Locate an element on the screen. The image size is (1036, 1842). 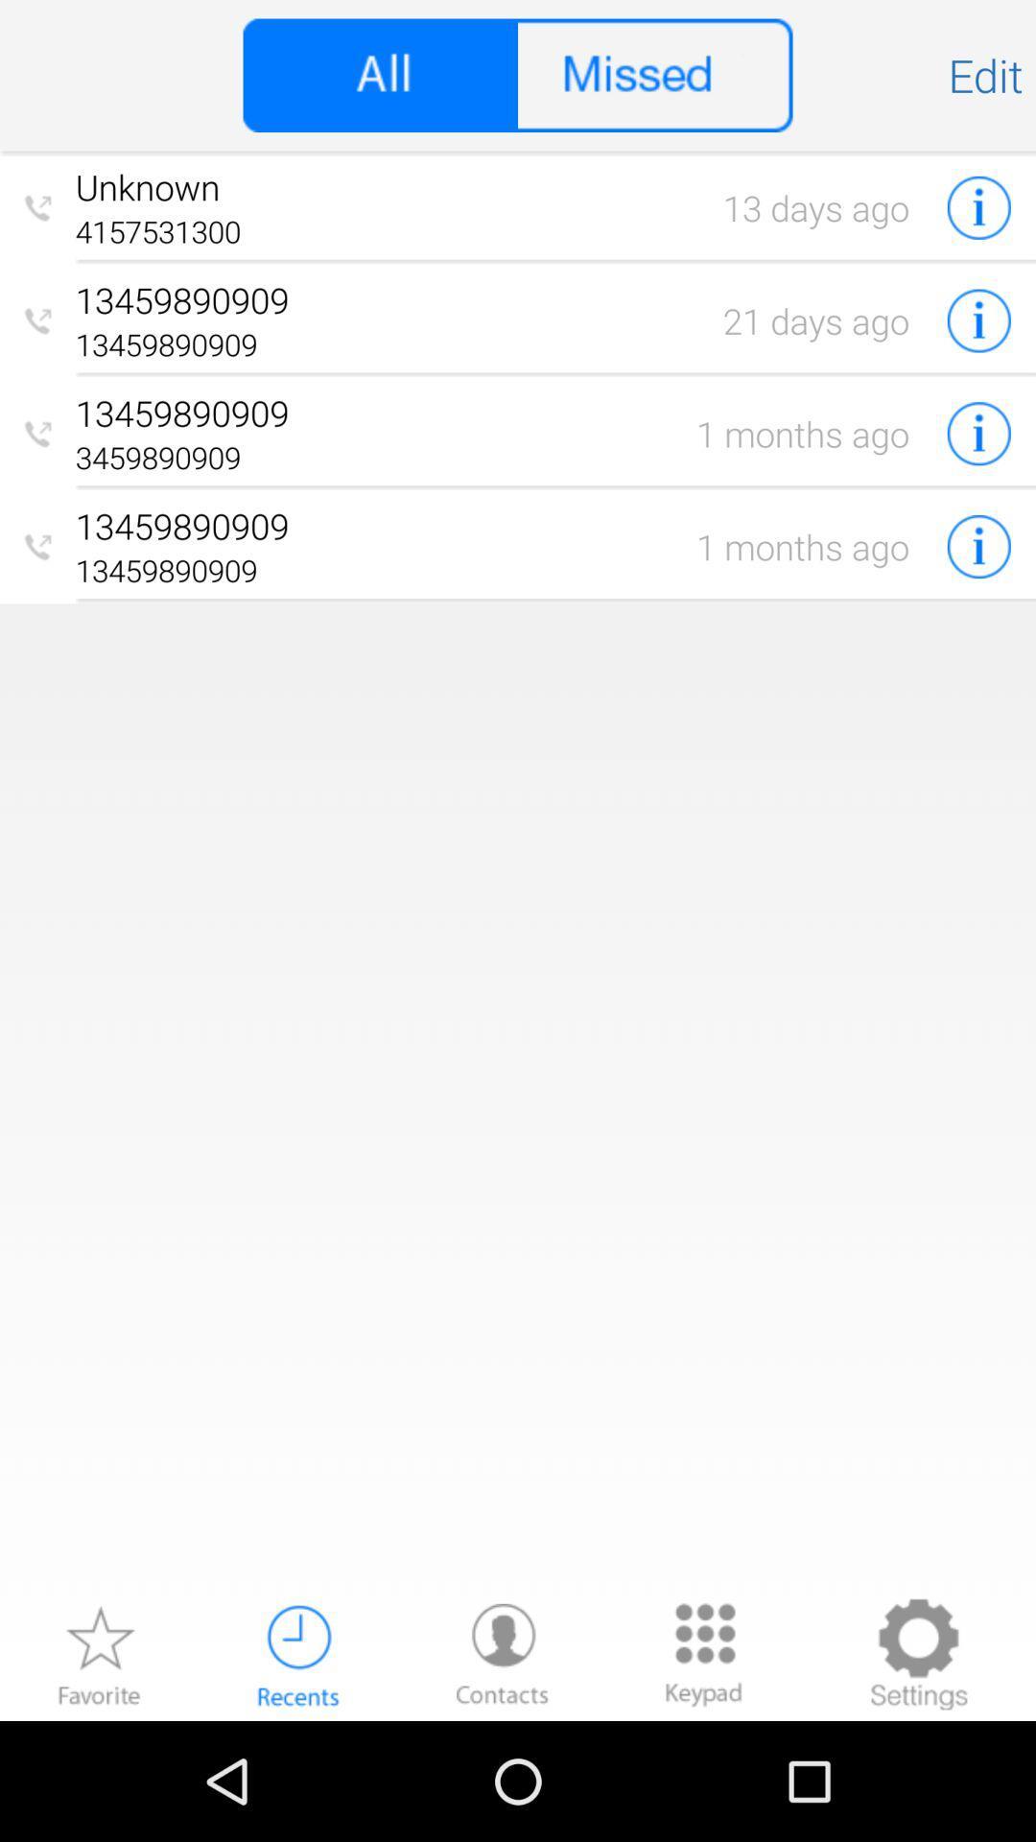
the star icon is located at coordinates (99, 1769).